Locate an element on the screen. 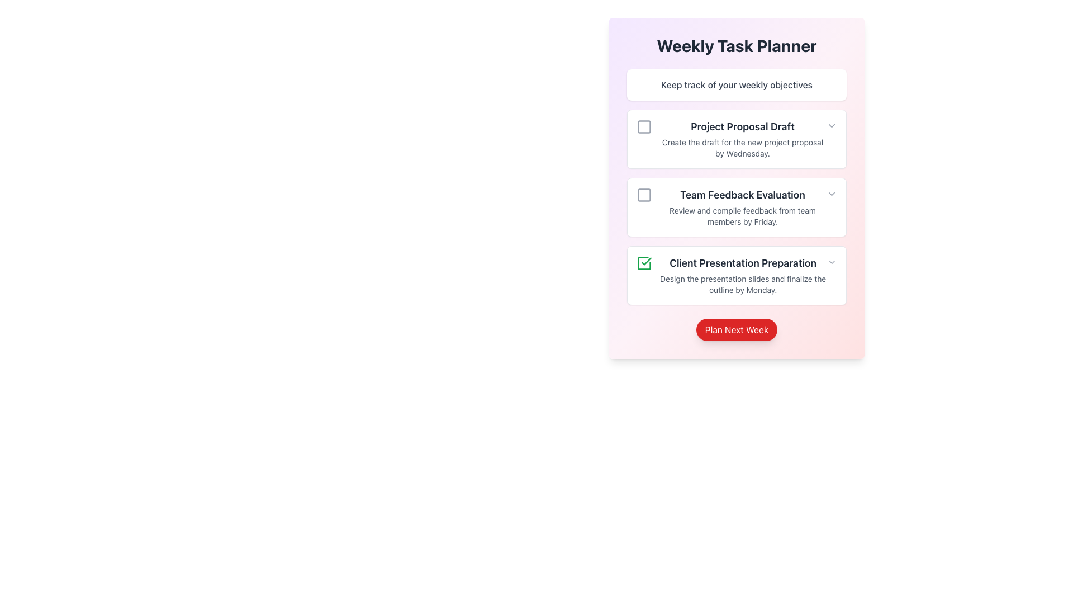 The image size is (1073, 604). the descriptive text element that reads 'Create the draft for the new project proposal by Wednesday.' which is located below the header 'Project Proposal Draft.' is located at coordinates (743, 148).